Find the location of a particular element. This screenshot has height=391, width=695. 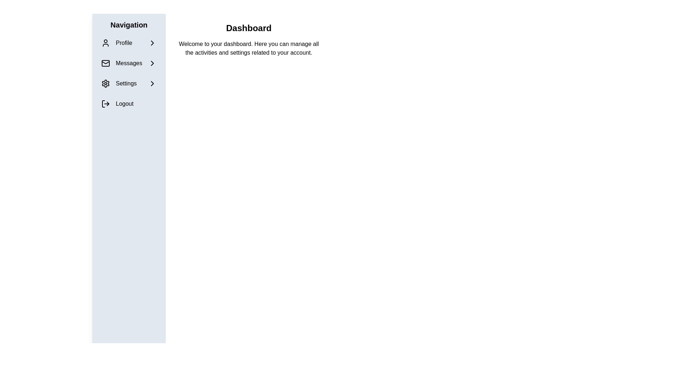

the small black rightward arrow marker (chevron) located to the right of the 'Messages' text in the left-hand navigation bar is located at coordinates (152, 63).